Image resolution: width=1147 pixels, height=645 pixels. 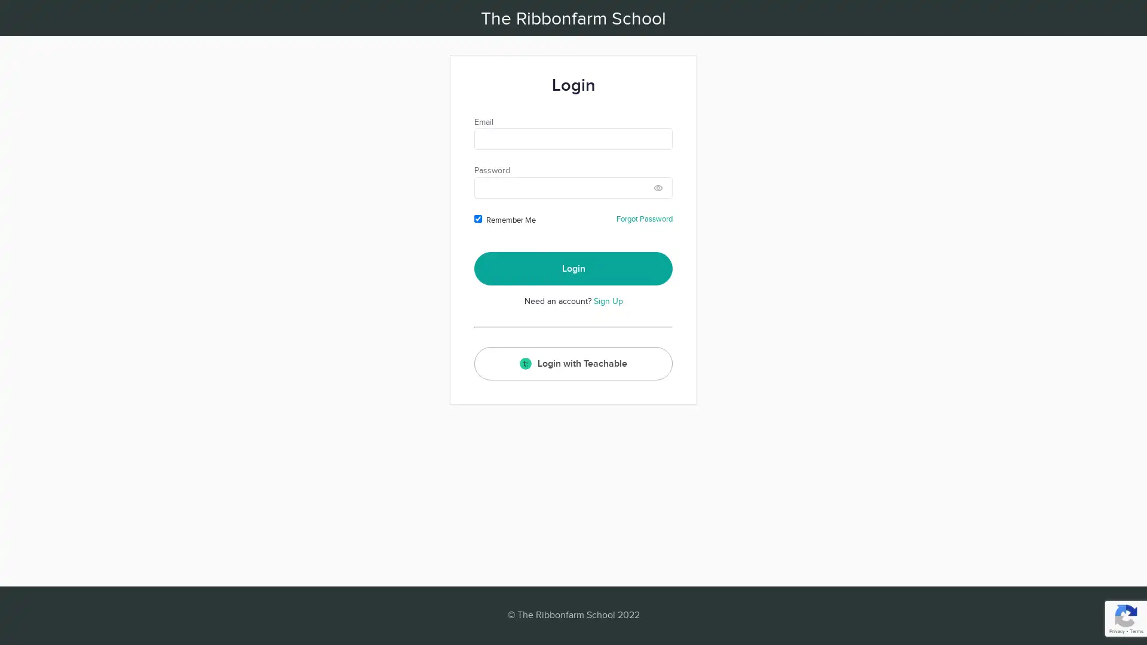 I want to click on Login with Teachable, so click(x=573, y=363).